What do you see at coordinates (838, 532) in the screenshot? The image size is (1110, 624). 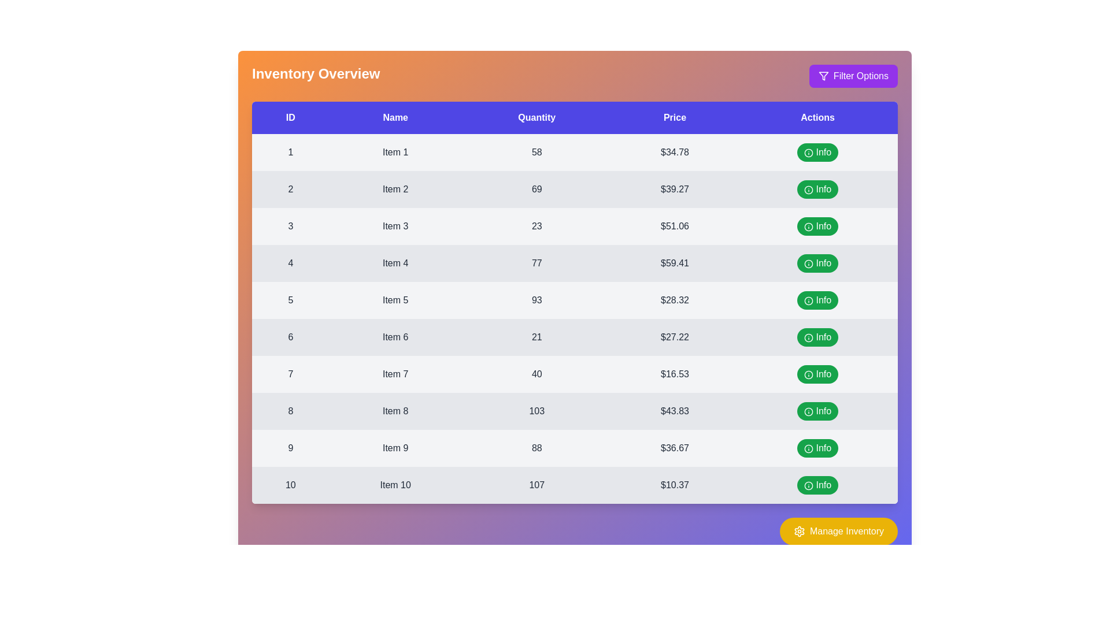 I see `'Manage Inventory' button to access inventory management` at bounding box center [838, 532].